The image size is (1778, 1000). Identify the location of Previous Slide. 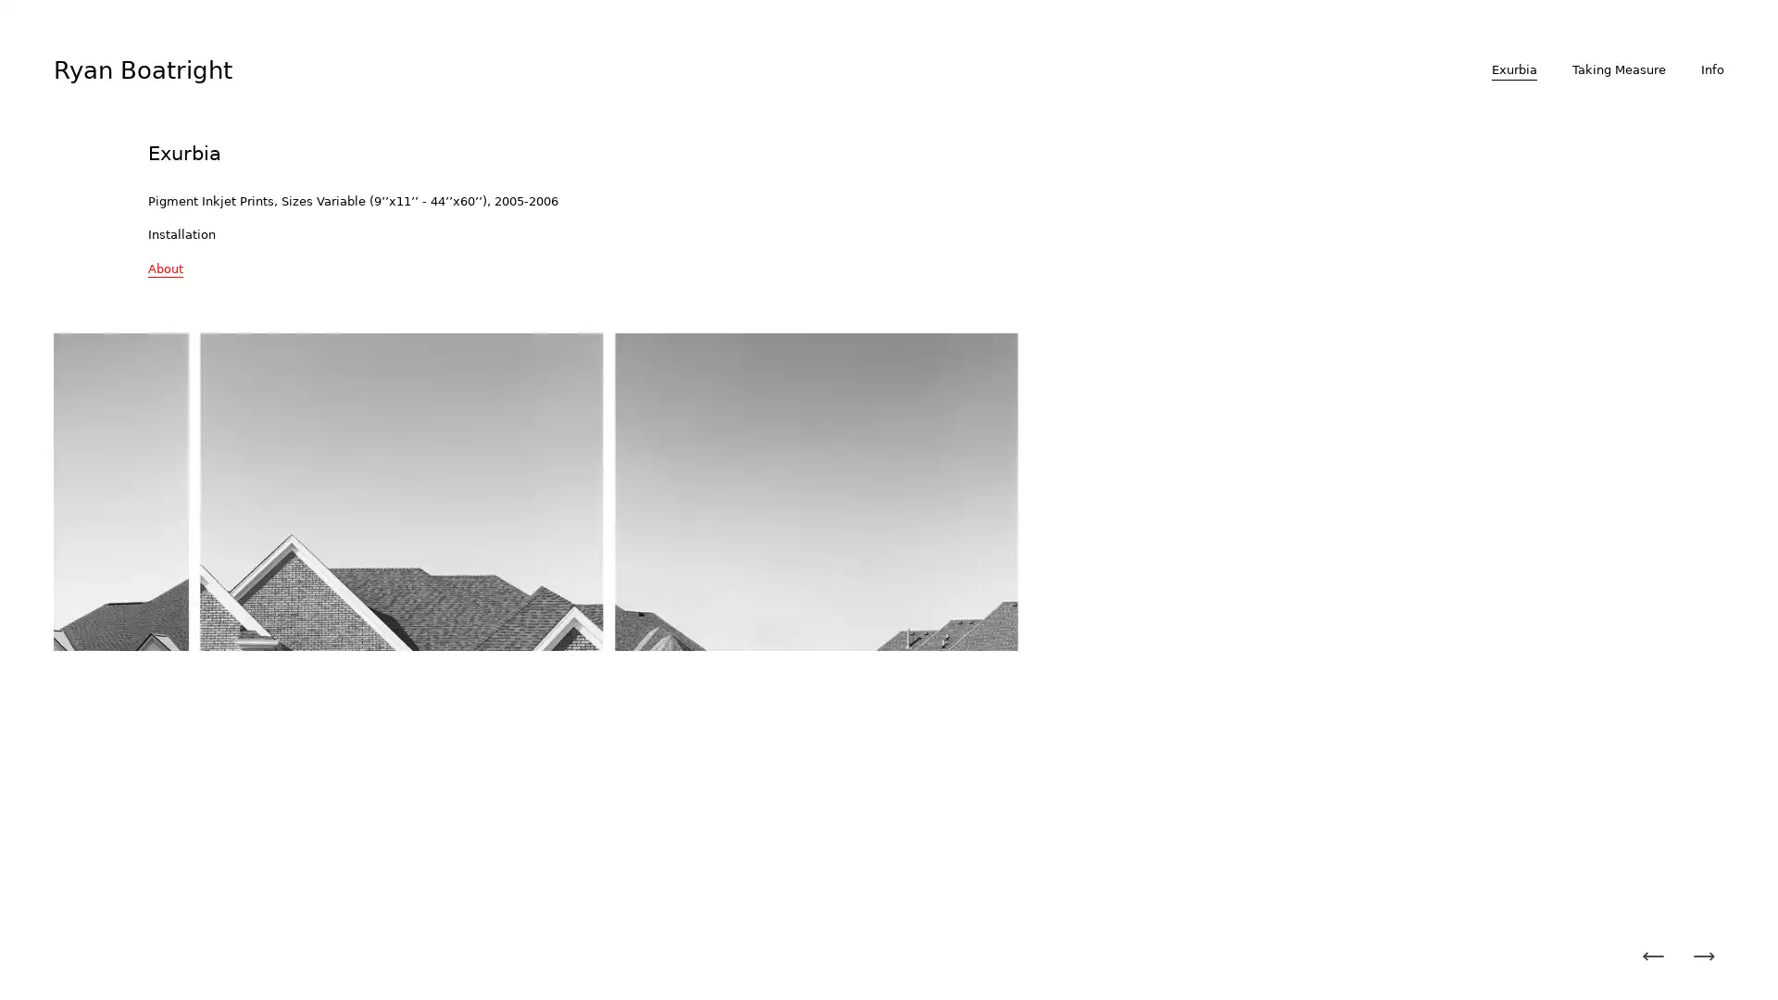
(1653, 956).